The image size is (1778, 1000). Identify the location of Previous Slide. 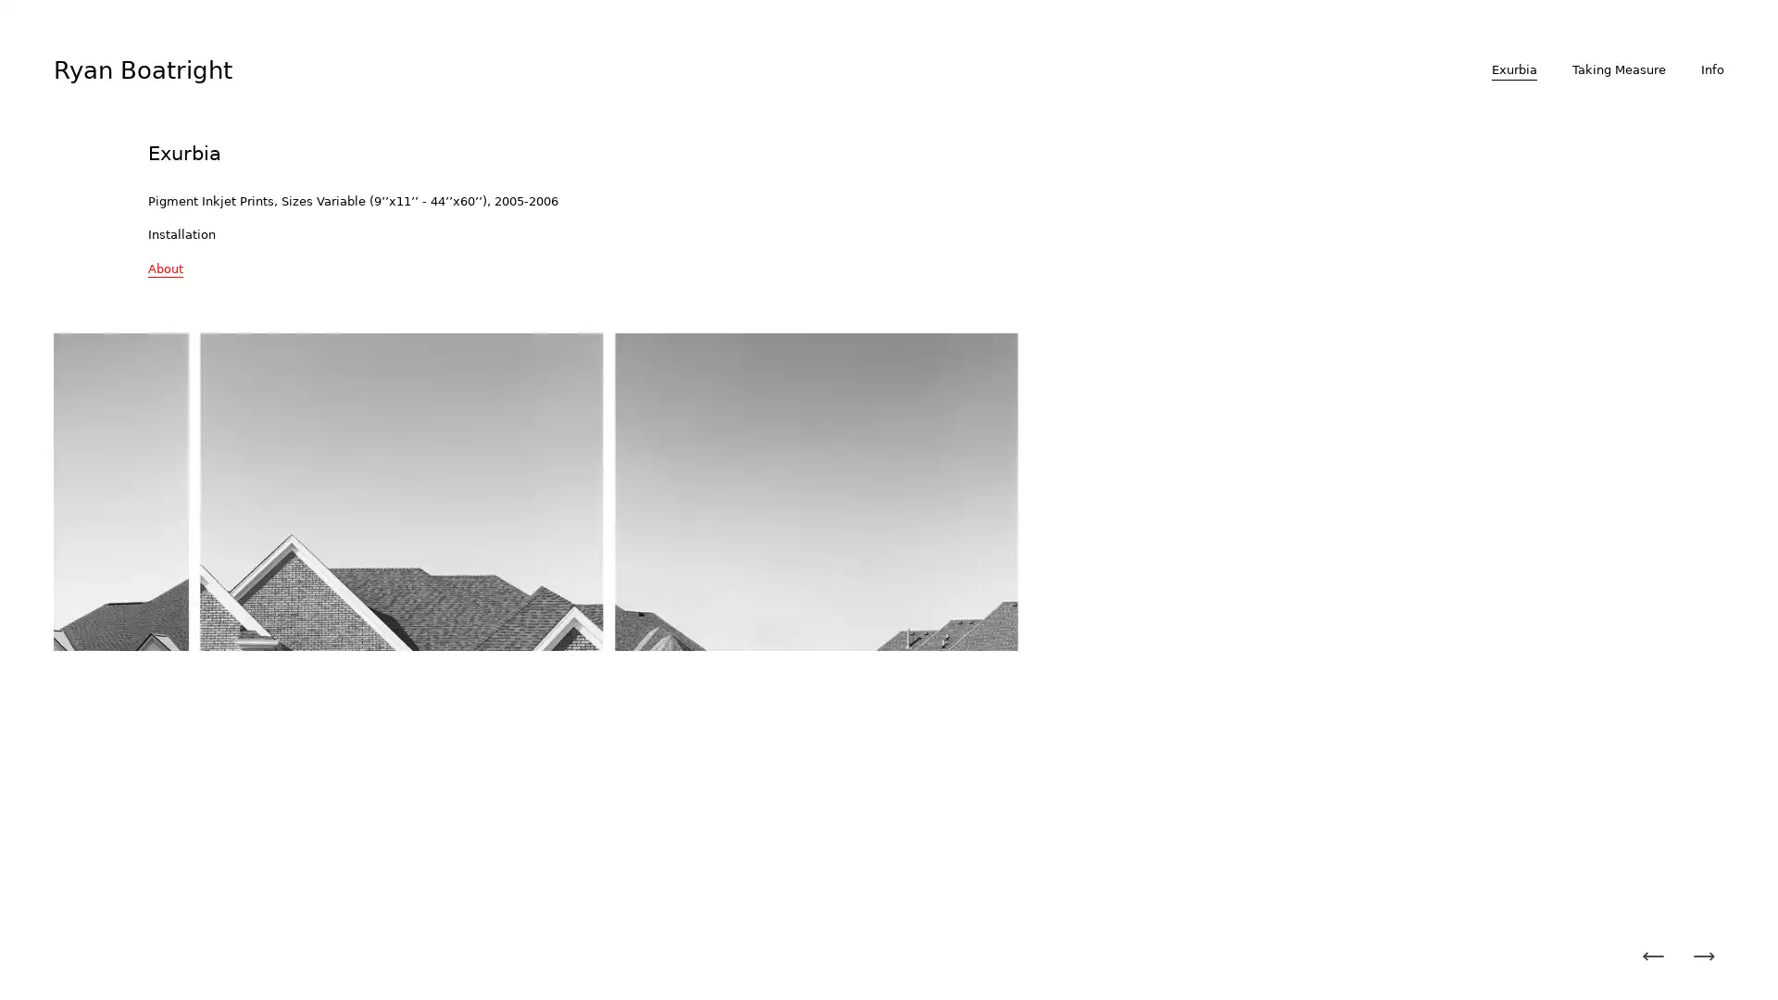
(1653, 956).